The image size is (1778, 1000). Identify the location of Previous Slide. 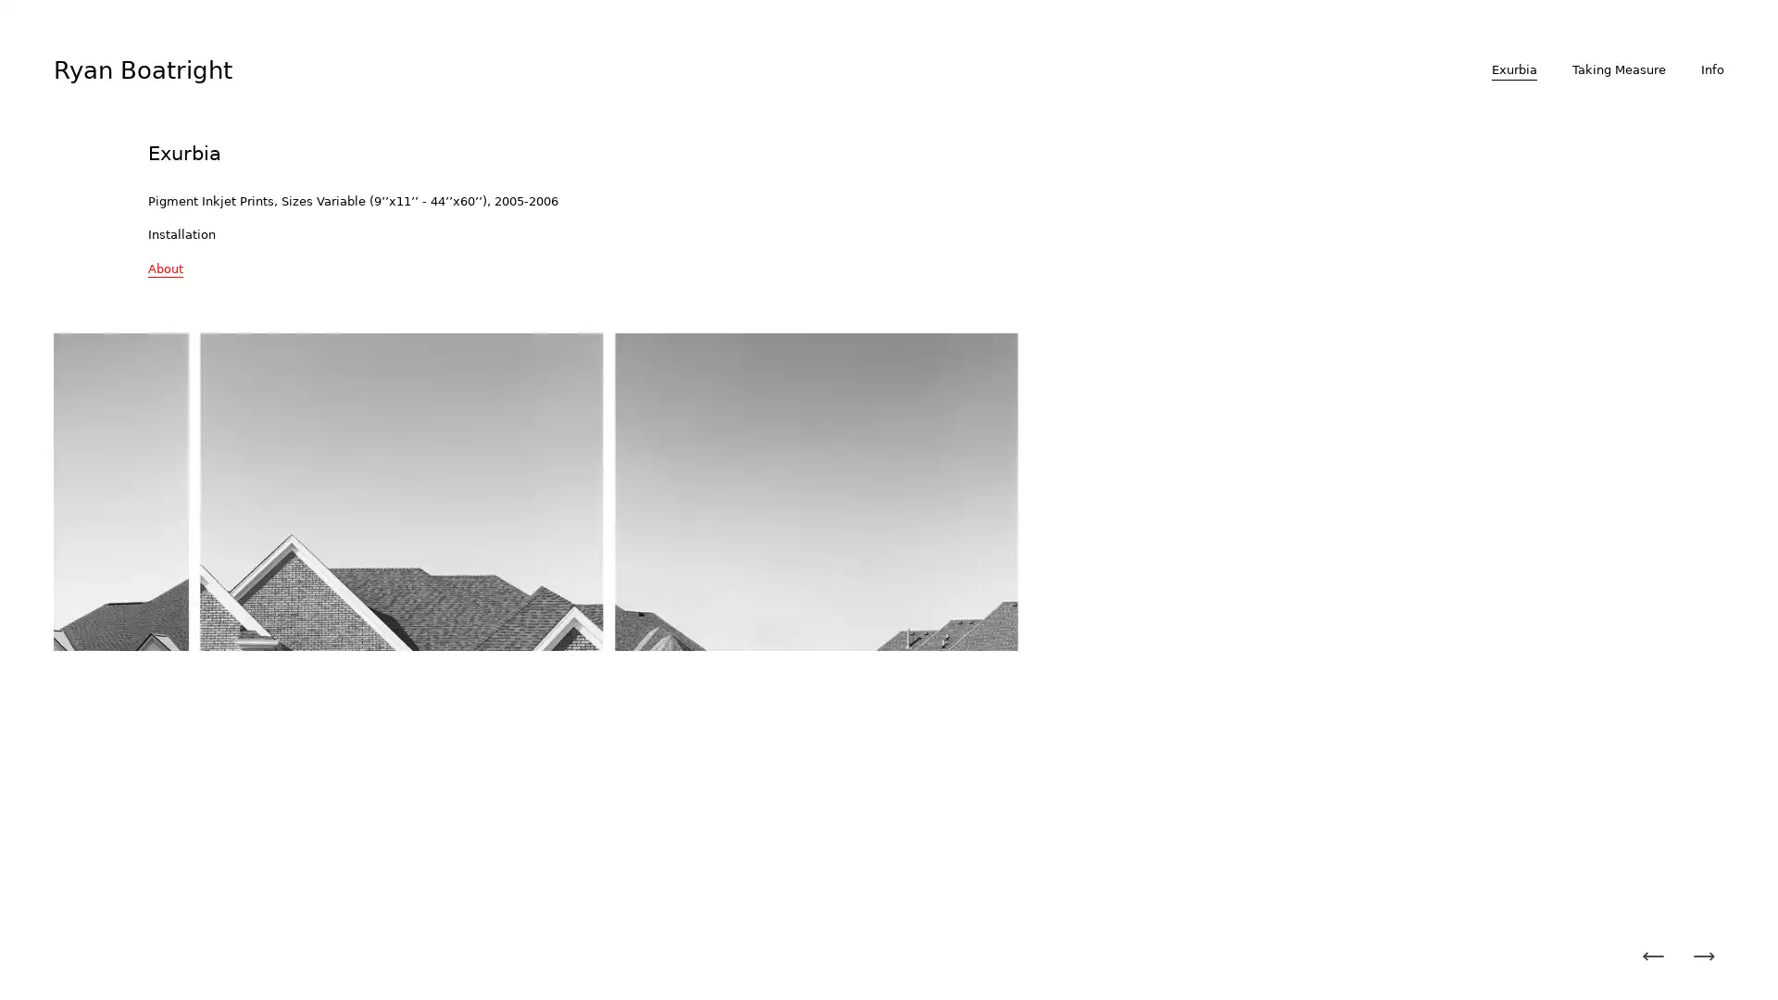
(1653, 956).